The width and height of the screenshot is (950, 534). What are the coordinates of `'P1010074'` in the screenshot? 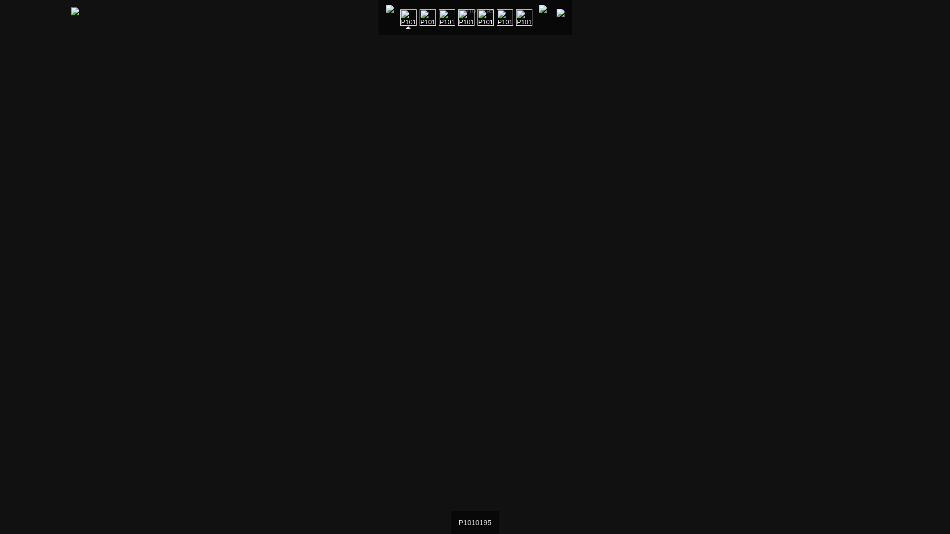 It's located at (446, 17).